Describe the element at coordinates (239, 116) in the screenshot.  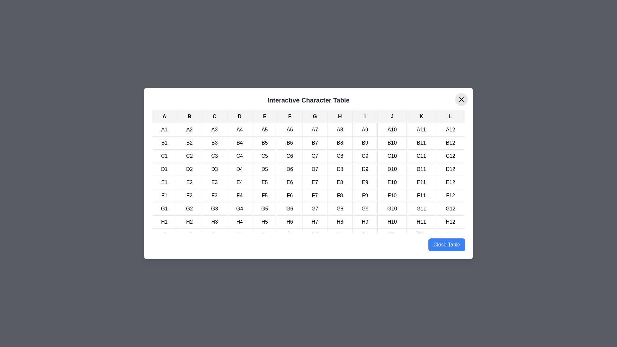
I see `the table header cell labeled D to highlight its column` at that location.